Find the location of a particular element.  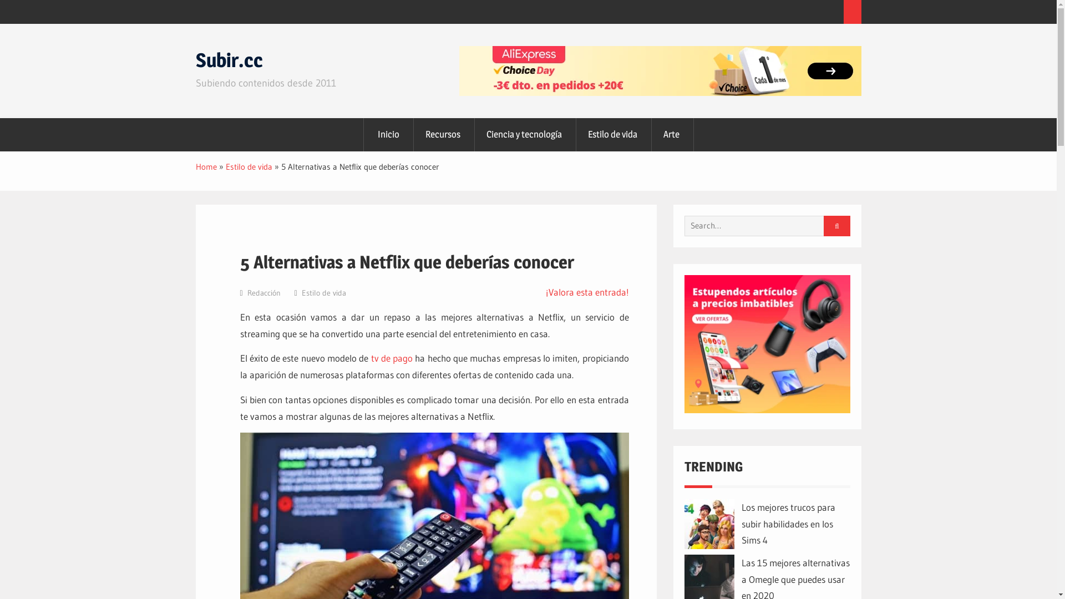

'Home' is located at coordinates (205, 166).